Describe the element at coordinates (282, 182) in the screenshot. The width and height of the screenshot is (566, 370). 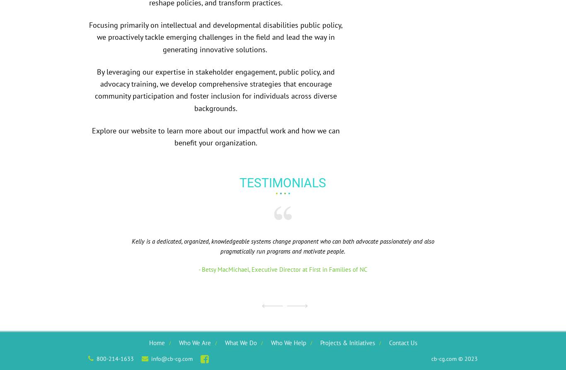
I see `'Testimonials'` at that location.